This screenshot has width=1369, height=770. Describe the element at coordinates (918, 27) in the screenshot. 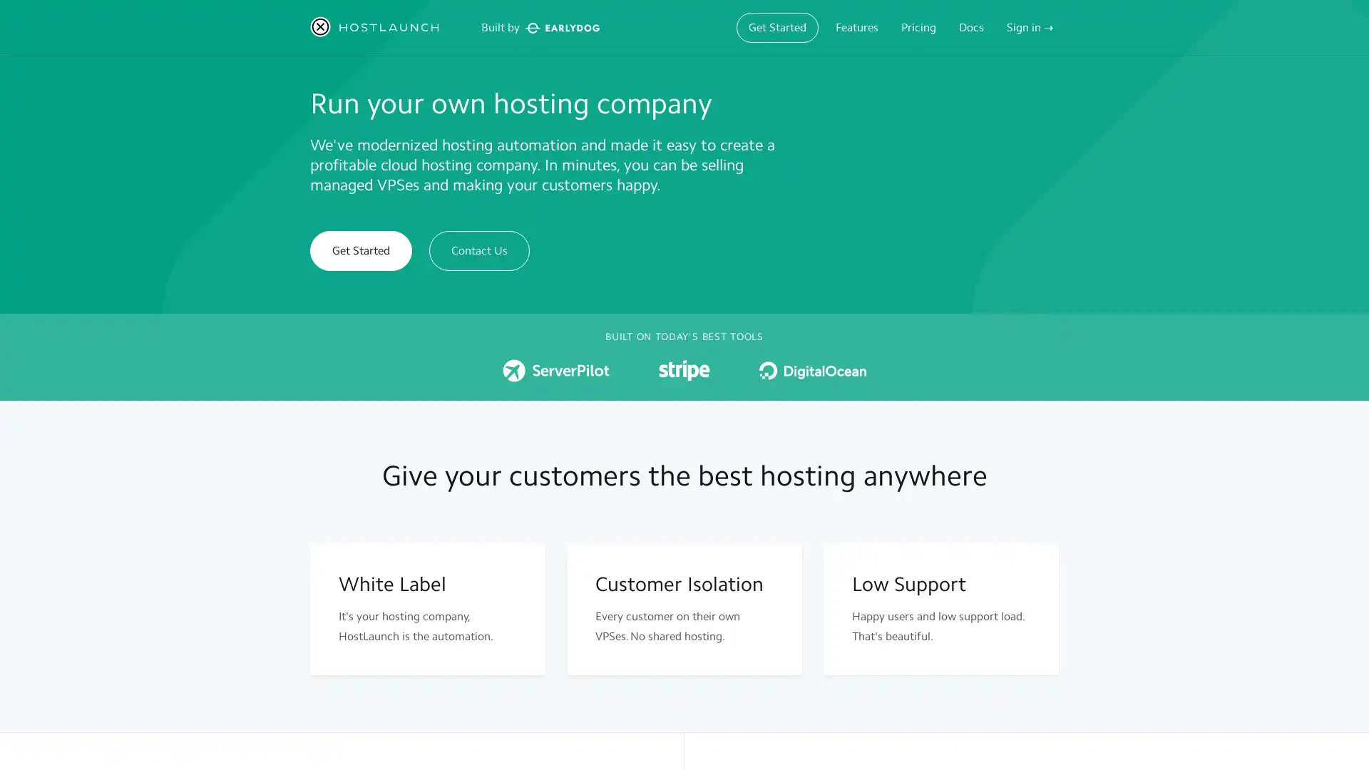

I see `Pricing` at that location.